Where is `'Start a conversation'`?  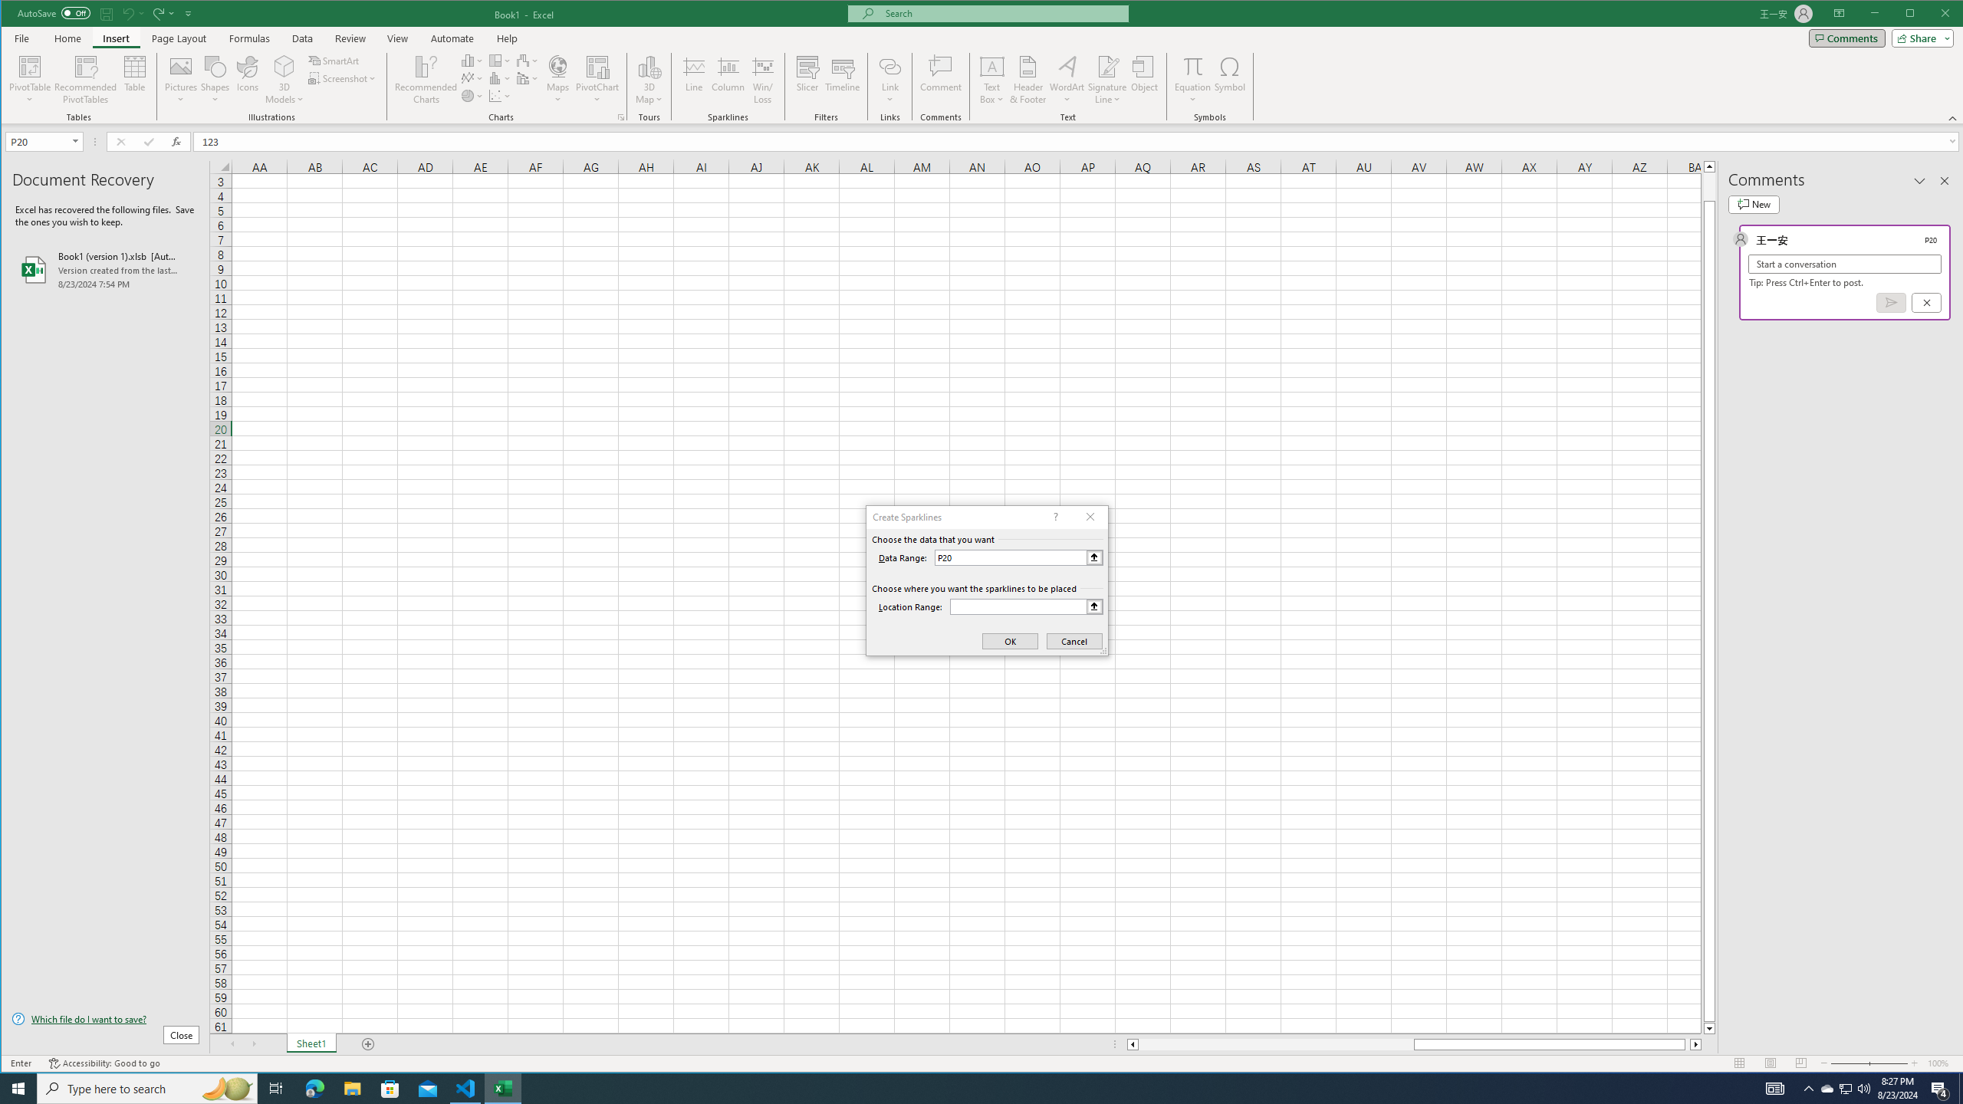 'Start a conversation' is located at coordinates (1844, 264).